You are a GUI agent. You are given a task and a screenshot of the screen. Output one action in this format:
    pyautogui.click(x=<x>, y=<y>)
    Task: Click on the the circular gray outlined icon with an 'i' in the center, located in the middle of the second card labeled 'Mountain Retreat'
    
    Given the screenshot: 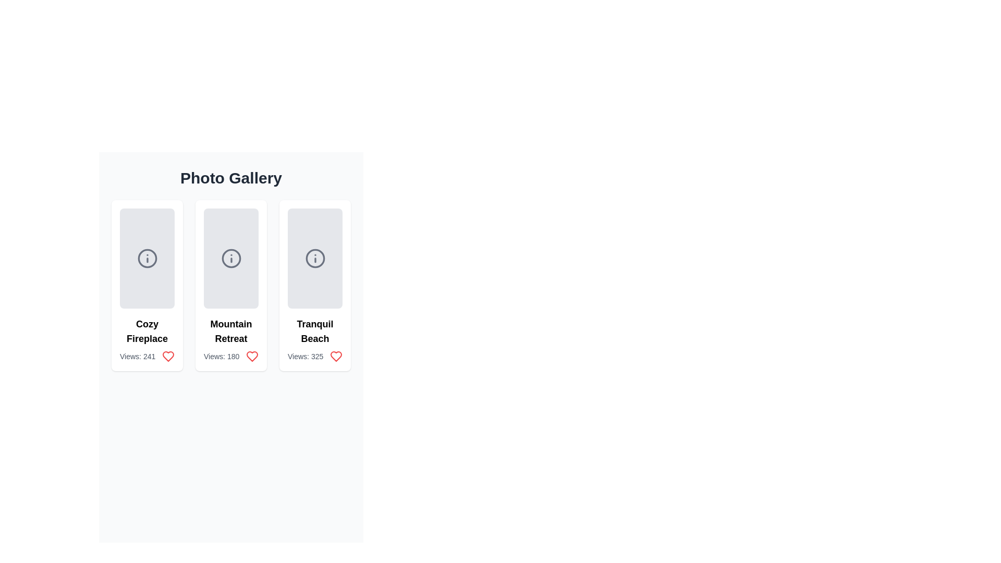 What is the action you would take?
    pyautogui.click(x=230, y=258)
    